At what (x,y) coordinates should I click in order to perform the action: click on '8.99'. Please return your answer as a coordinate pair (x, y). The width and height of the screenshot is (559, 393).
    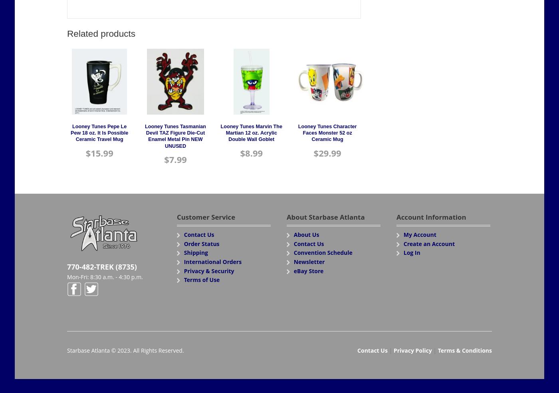
    Looking at the image, I should click on (254, 152).